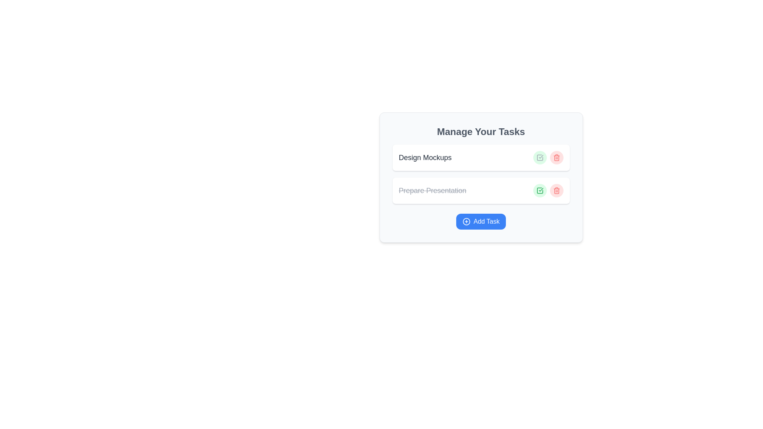 The width and height of the screenshot is (763, 429). I want to click on the trash icon located on the right-hand side of the second task row labeled 'Prepare Presentation', which visually represents the delete task action, so click(556, 158).